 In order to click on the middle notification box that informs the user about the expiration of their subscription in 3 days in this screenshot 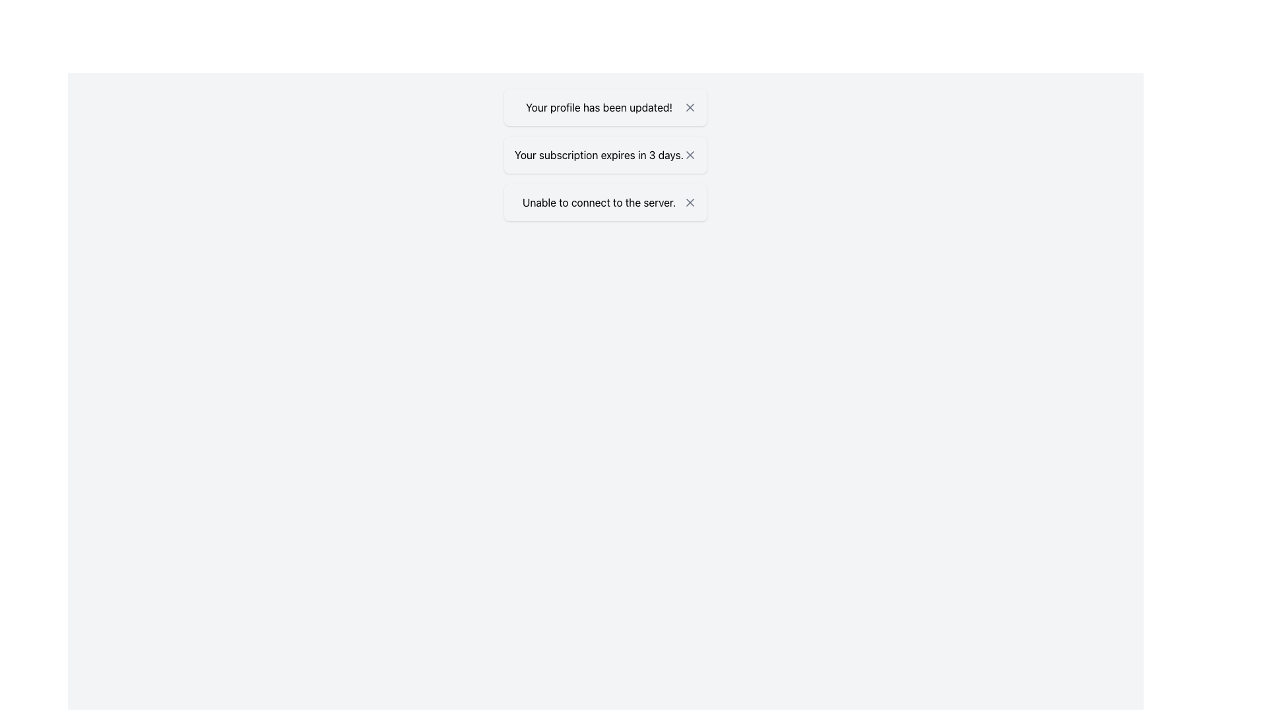, I will do `click(604, 154)`.